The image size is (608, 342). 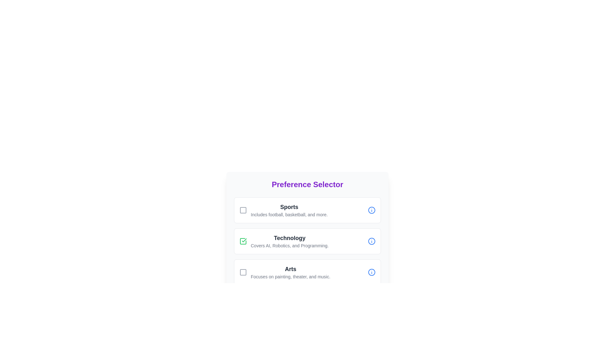 I want to click on the info icon next to the preference Sports to view additional information, so click(x=372, y=210).